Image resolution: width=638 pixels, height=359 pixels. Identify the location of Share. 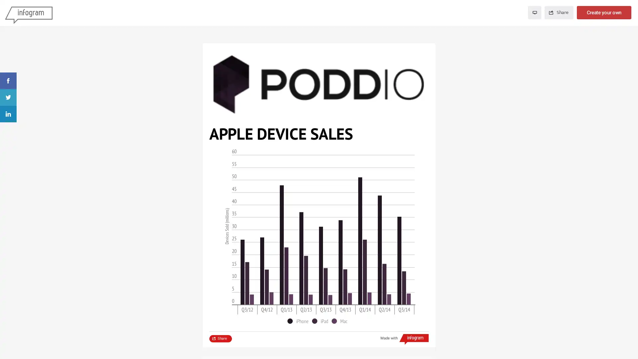
(220, 338).